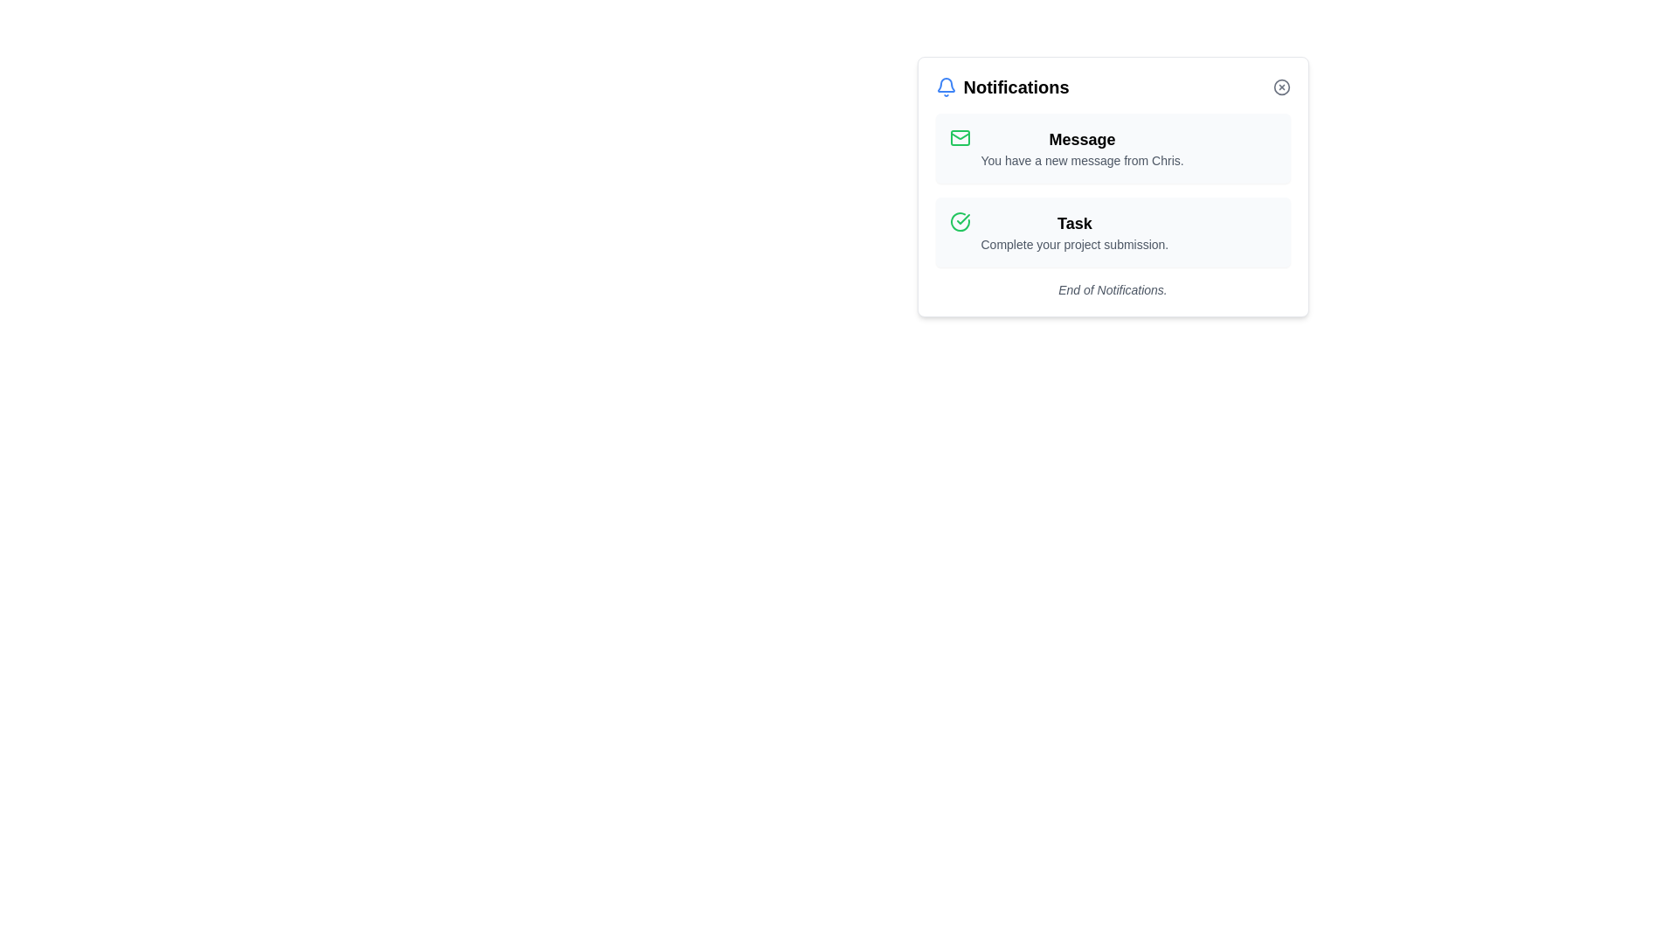  What do you see at coordinates (1281, 87) in the screenshot?
I see `the circular button with an 'X' inside, located at the top right corner of the notifications panel` at bounding box center [1281, 87].